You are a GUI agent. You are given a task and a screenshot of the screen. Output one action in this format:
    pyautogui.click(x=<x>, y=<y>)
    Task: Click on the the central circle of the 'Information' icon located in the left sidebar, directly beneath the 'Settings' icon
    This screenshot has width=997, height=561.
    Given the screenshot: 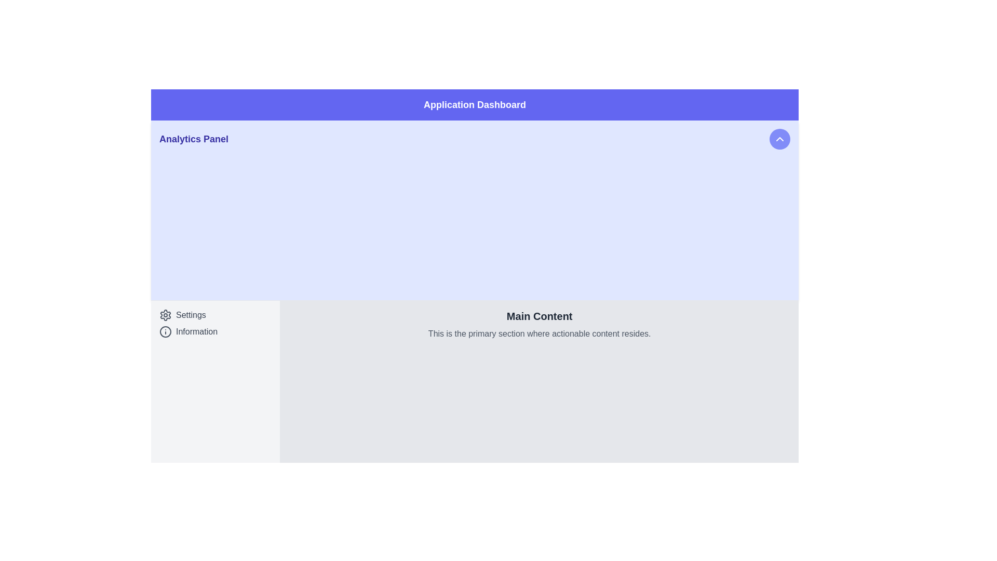 What is the action you would take?
    pyautogui.click(x=165, y=331)
    